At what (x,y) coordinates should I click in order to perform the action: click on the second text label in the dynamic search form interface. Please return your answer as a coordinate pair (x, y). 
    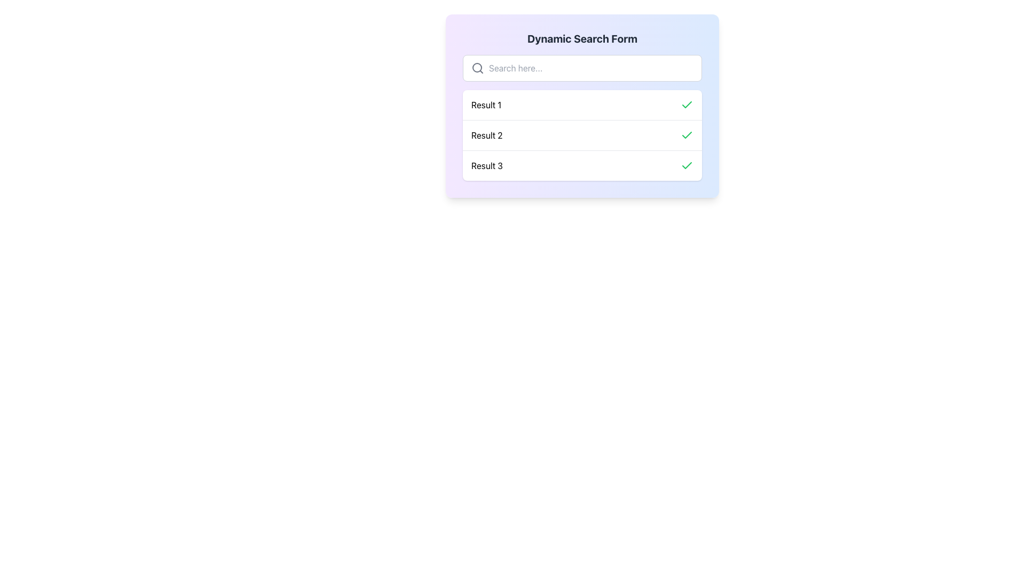
    Looking at the image, I should click on (486, 135).